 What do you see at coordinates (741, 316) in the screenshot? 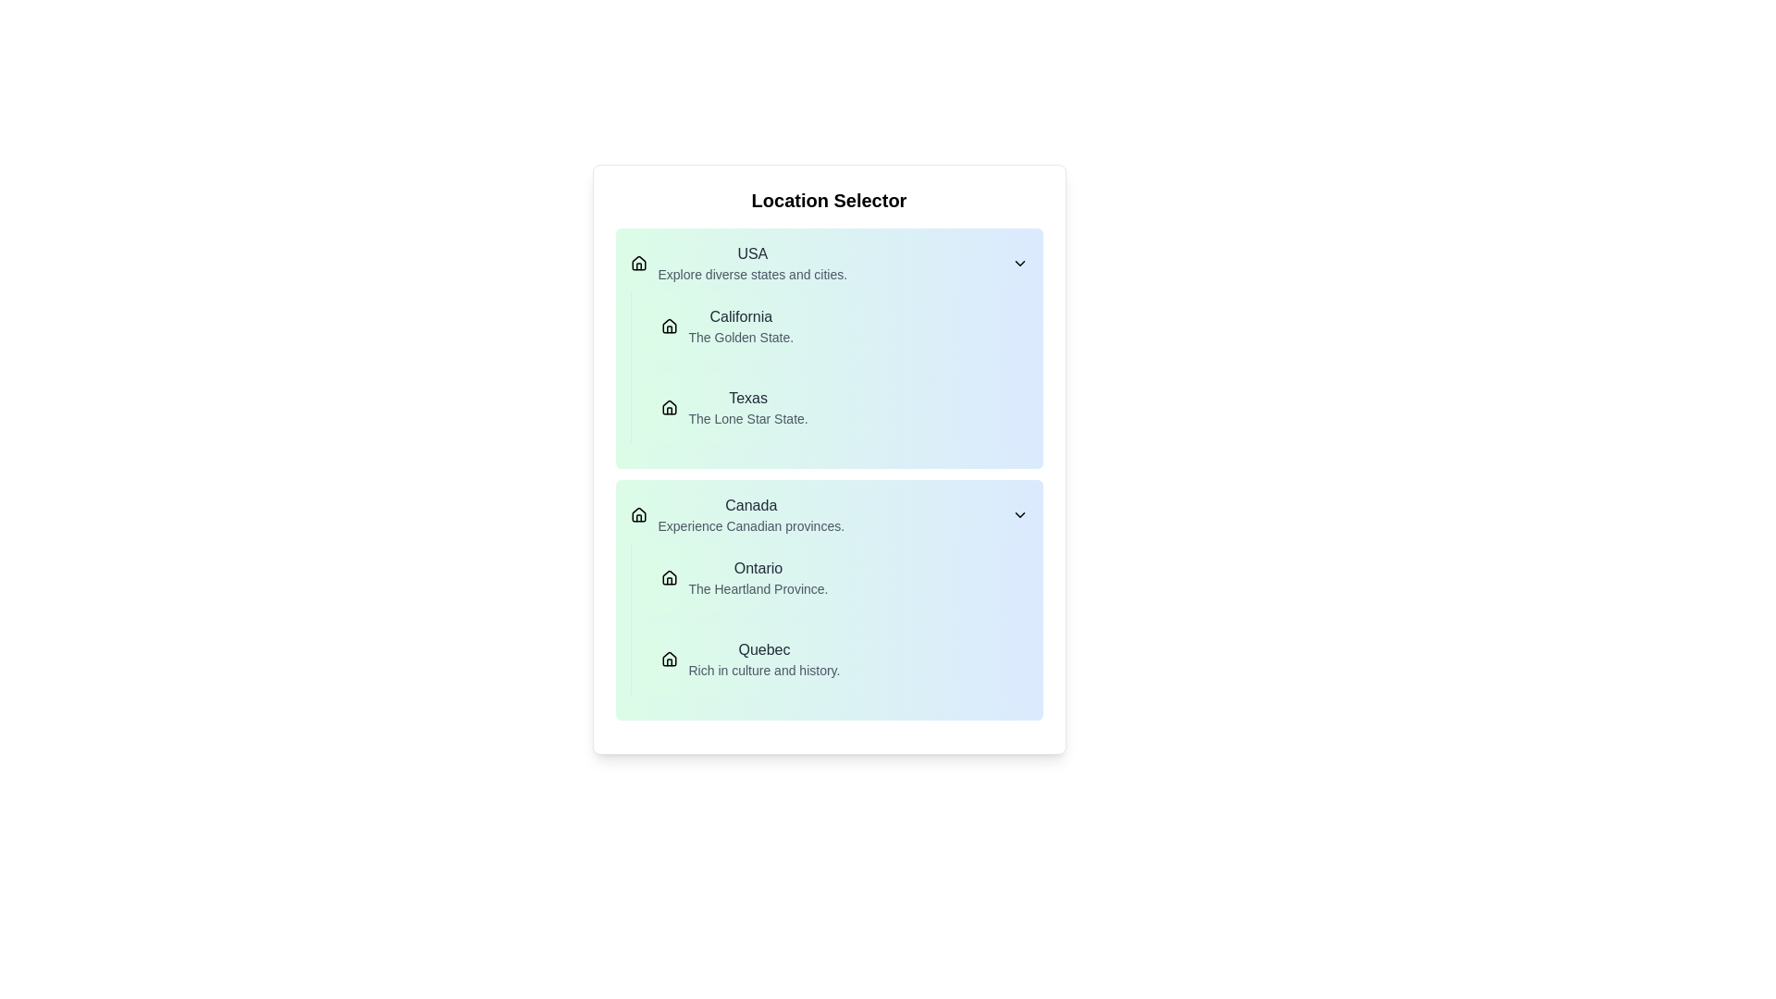
I see `the text 'California' which is styled with medium-weight font and dark gray color, located at the top of the green-highlighted section representing USA, above the subtext 'The Golden State.'` at bounding box center [741, 316].